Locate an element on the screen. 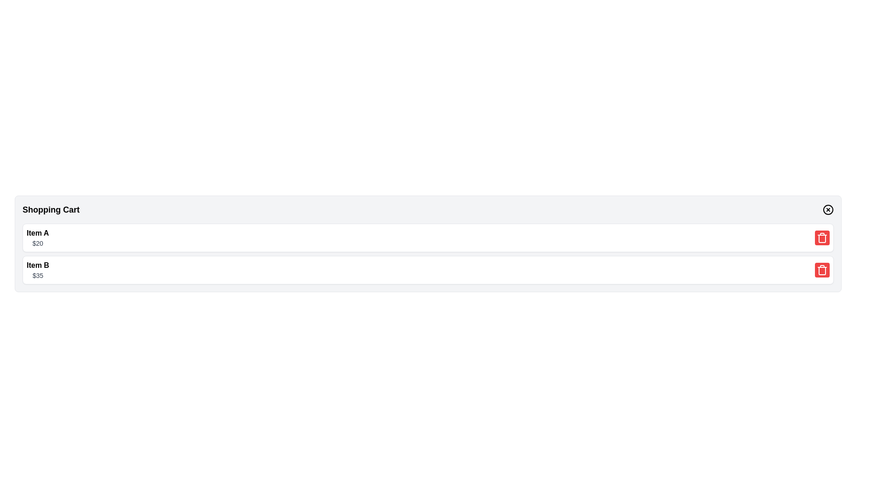 The height and width of the screenshot is (497, 884). text from the text label that displays '$35', which is styled in a smaller gray font and located below the 'Item B' label in the shopping cart is located at coordinates (37, 275).